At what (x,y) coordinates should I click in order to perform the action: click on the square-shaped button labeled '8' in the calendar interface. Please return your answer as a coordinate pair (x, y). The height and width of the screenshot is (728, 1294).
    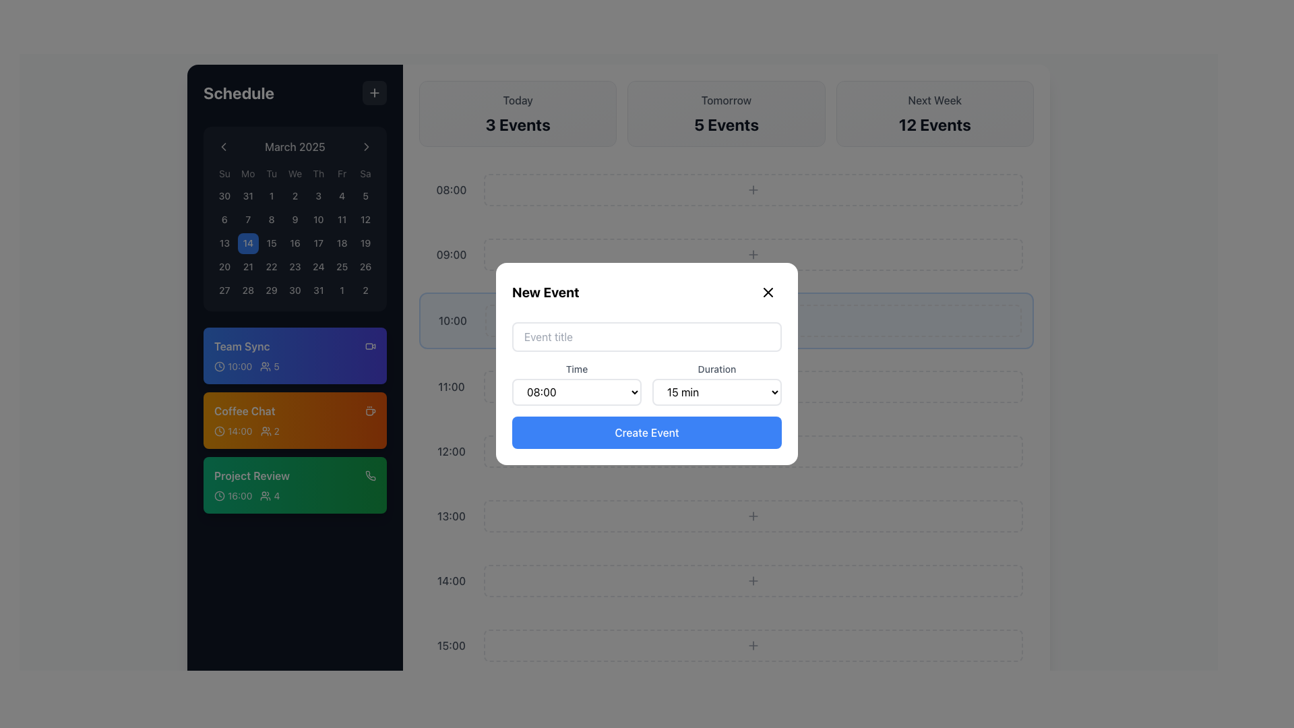
    Looking at the image, I should click on (271, 219).